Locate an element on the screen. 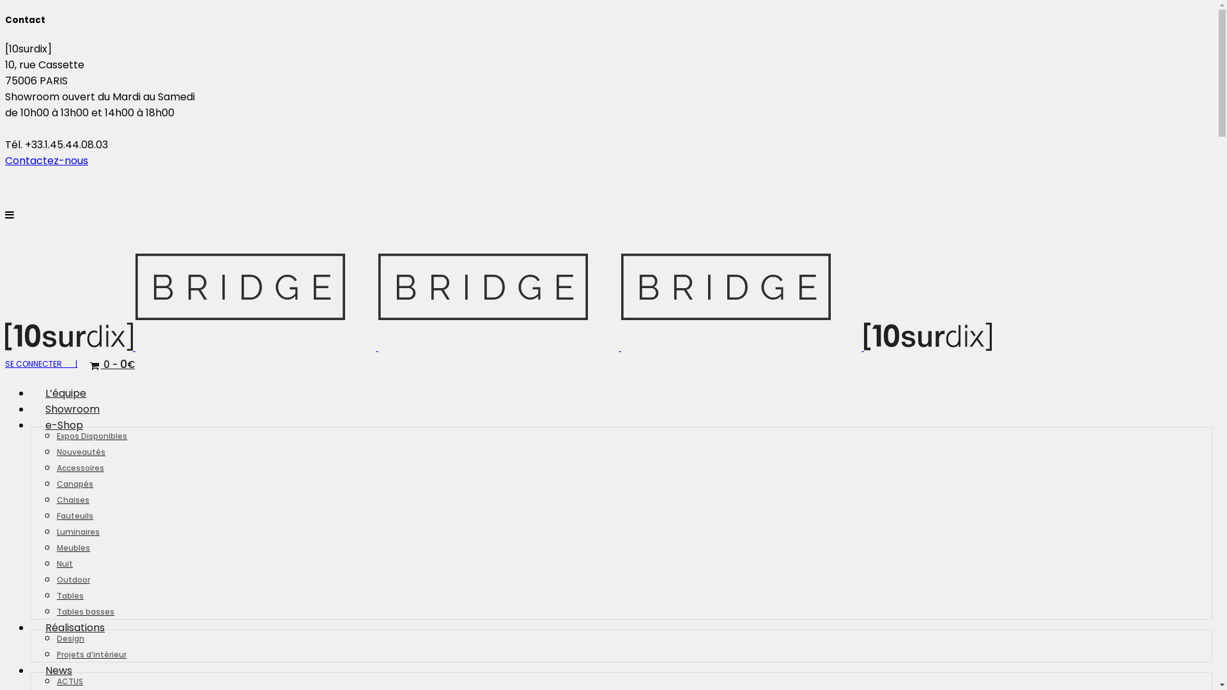 The image size is (1227, 690). 'ACTUS' is located at coordinates (69, 680).